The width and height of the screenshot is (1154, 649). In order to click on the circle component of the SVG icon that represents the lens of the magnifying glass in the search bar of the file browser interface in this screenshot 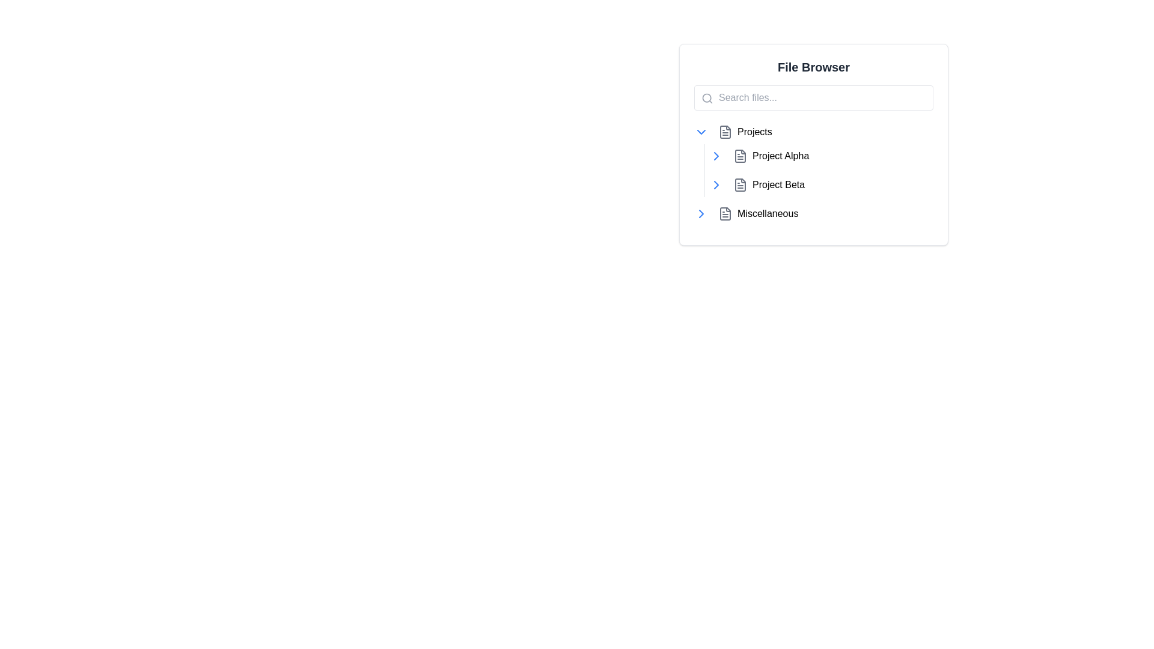, I will do `click(707, 97)`.